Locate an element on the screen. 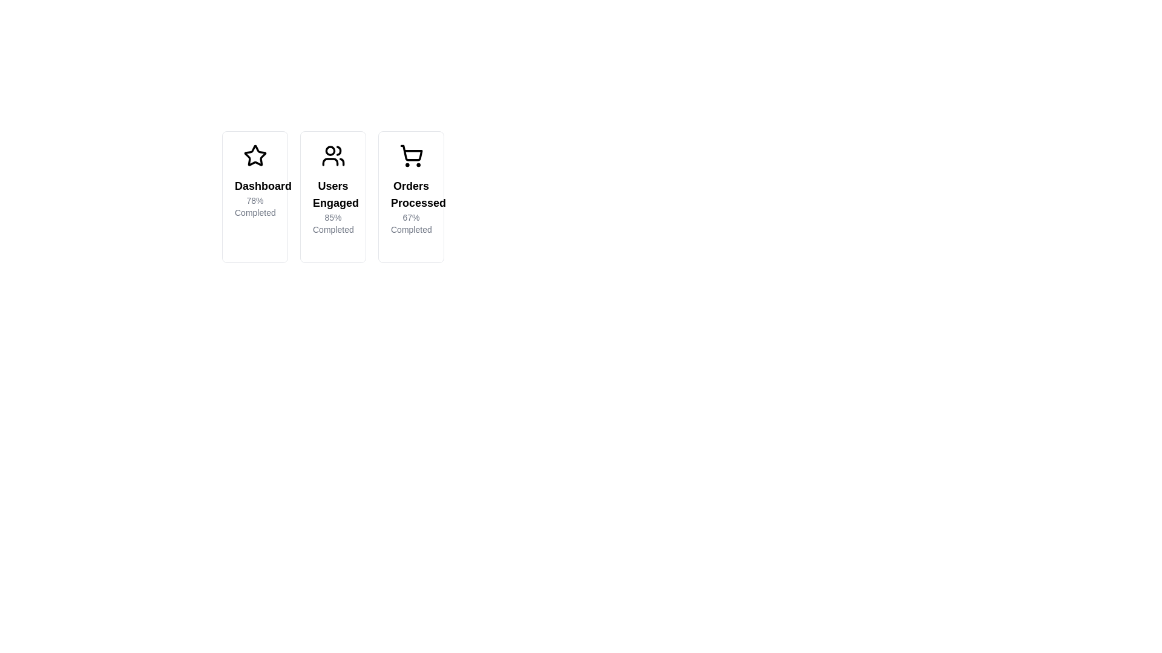  the progress information Text Display located in the third column below the shopping cart icon, which conveys order processing percentage if functionality is assigned by the developer is located at coordinates (411, 206).